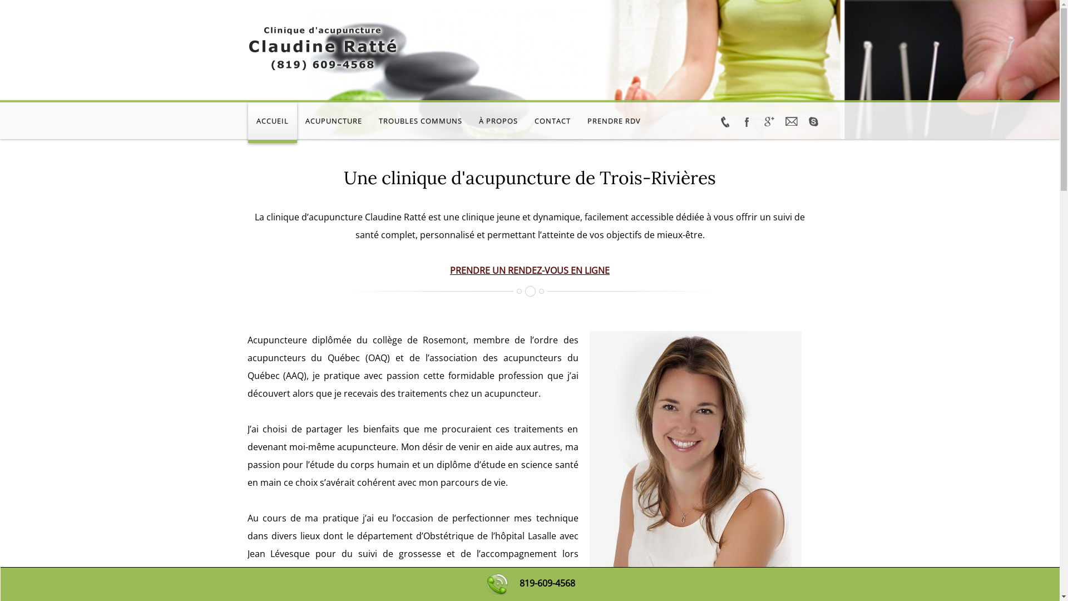 Image resolution: width=1068 pixels, height=601 pixels. I want to click on '819-609-4568', so click(547, 583).